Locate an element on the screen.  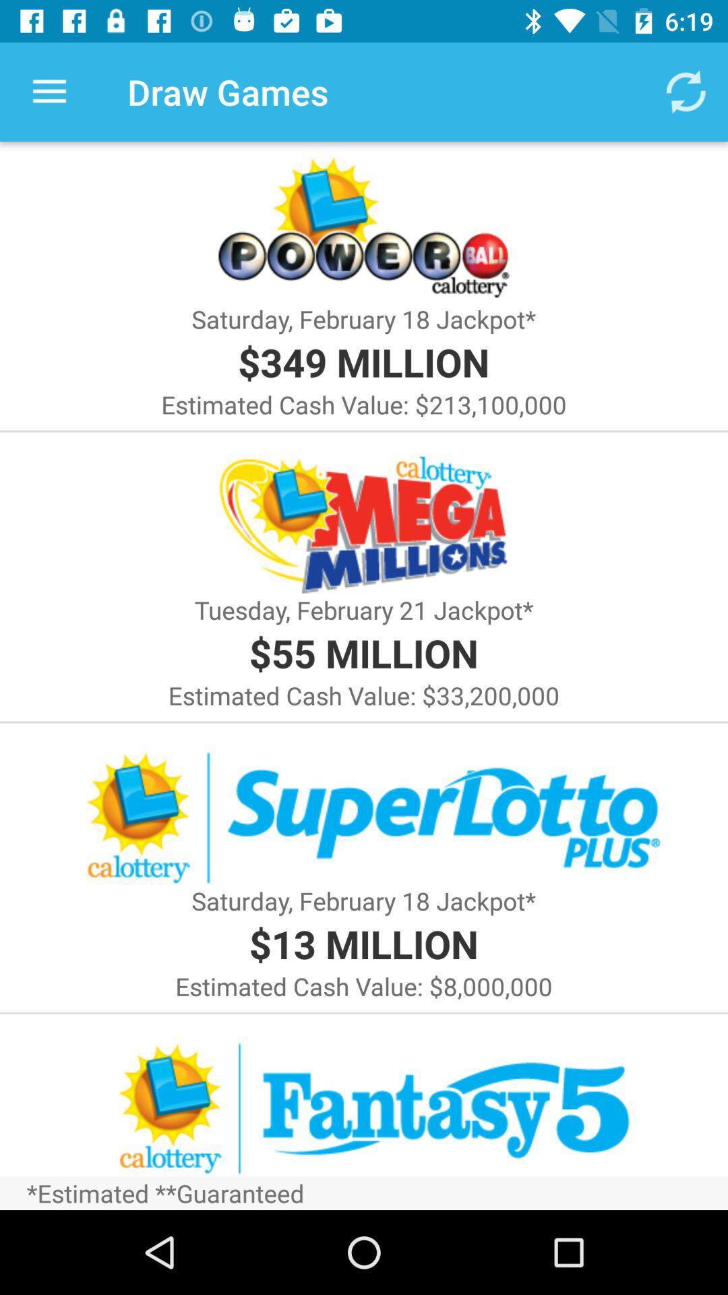
the item at the top right corner is located at coordinates (686, 91).